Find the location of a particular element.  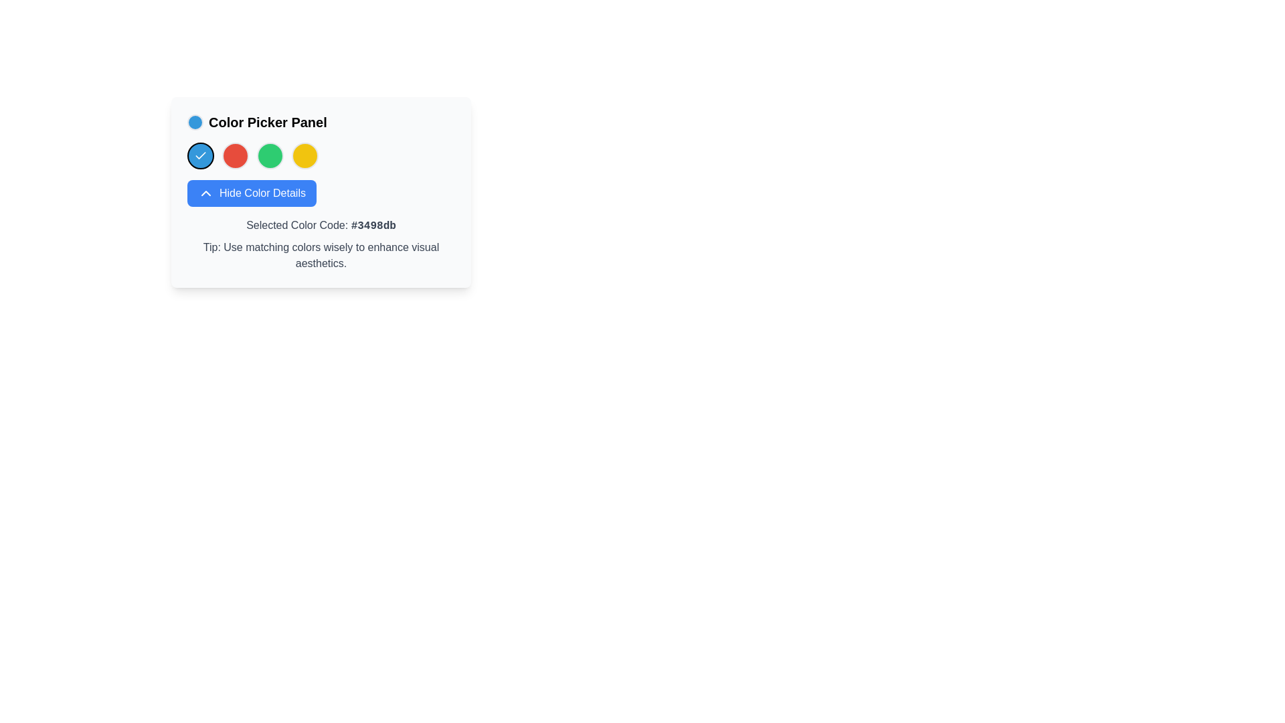

the second red circular radio button is located at coordinates (235, 155).